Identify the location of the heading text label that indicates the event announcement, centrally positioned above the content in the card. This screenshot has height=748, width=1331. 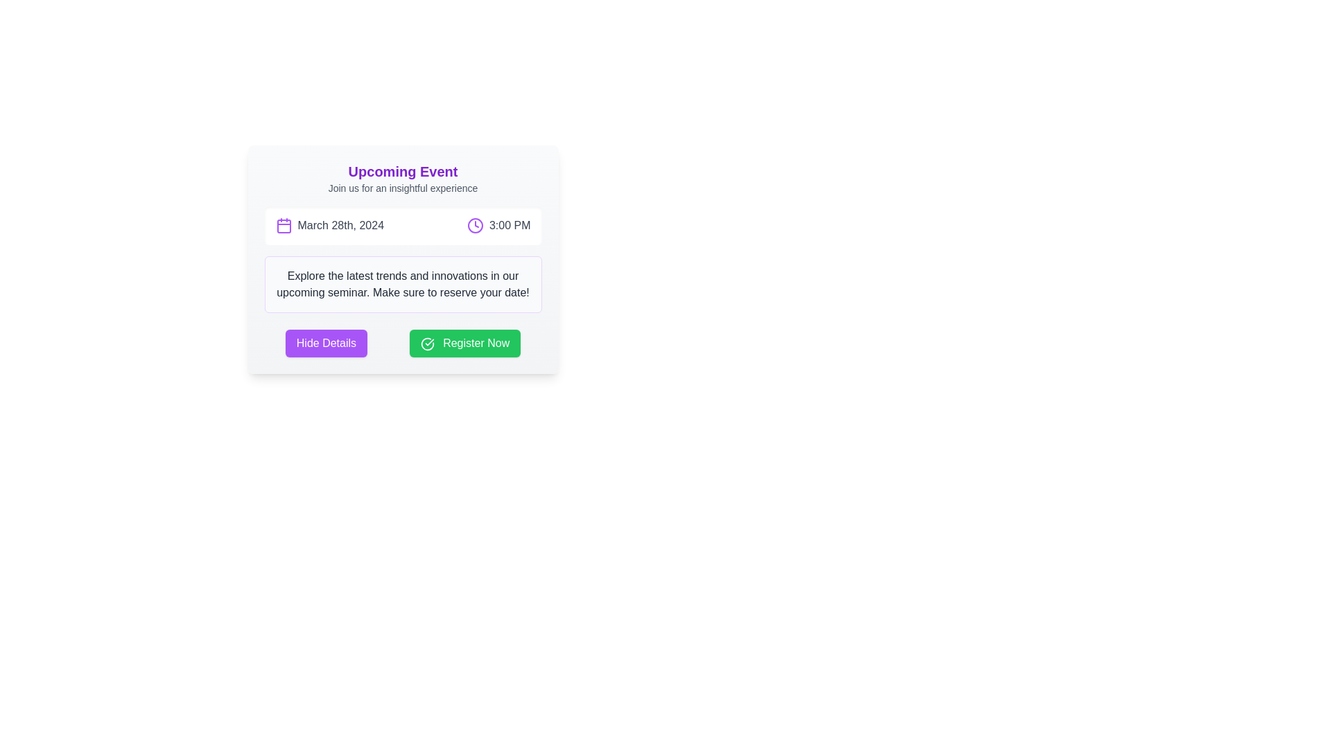
(402, 170).